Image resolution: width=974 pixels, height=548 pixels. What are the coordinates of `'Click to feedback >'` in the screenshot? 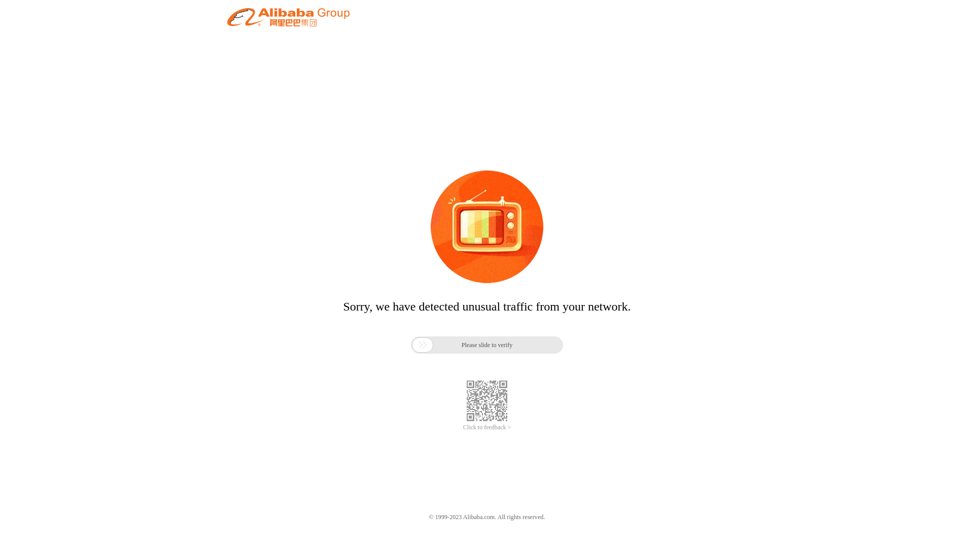 It's located at (487, 427).